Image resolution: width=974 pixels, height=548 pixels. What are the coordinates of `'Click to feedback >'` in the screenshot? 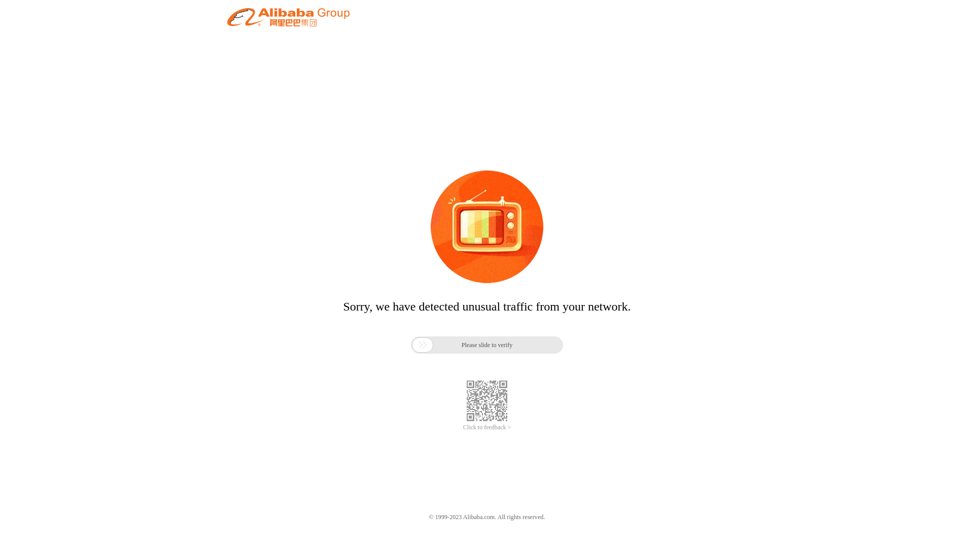 It's located at (487, 427).